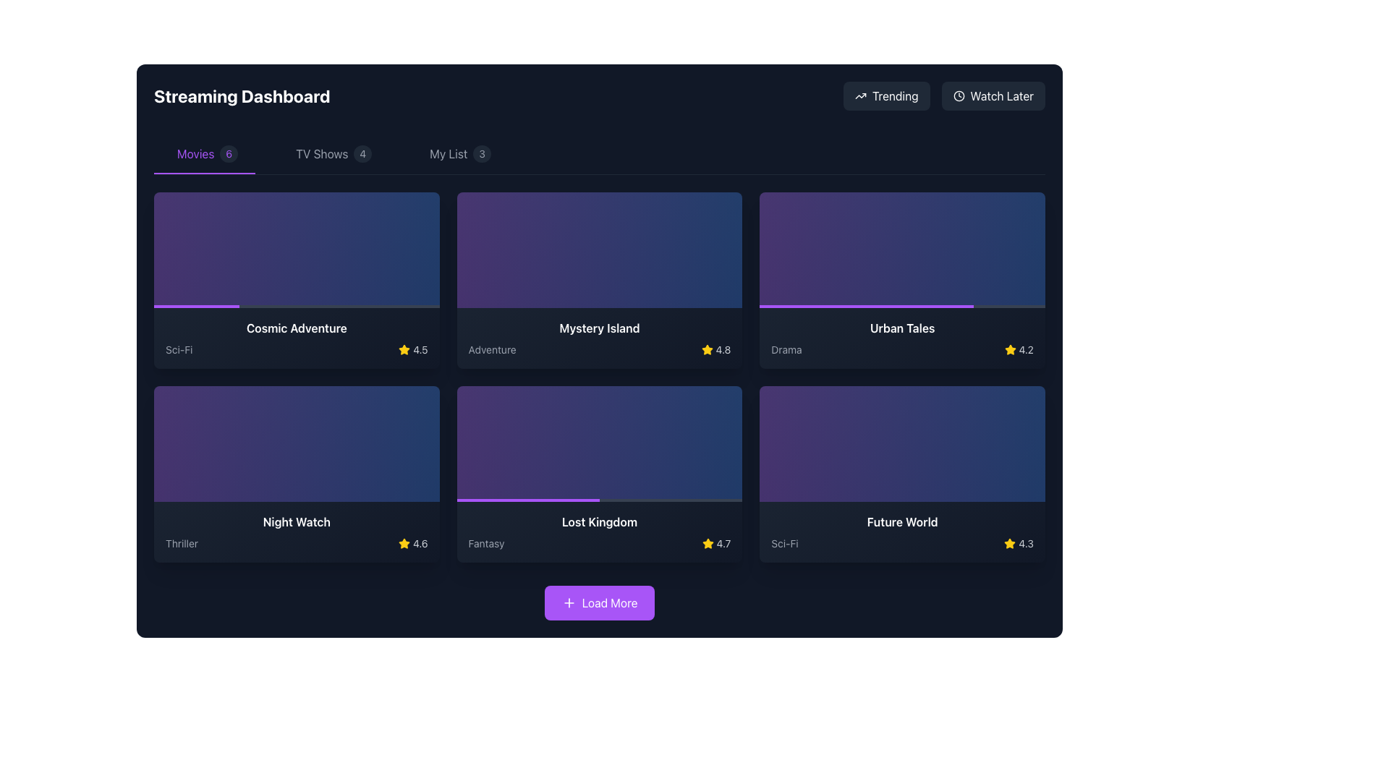  I want to click on the numerical rating value displayed in the Rating Display for the 'Lost Kingdom' card, which is located in the bottom section to the right of the 'Fantasy' label, so click(716, 544).